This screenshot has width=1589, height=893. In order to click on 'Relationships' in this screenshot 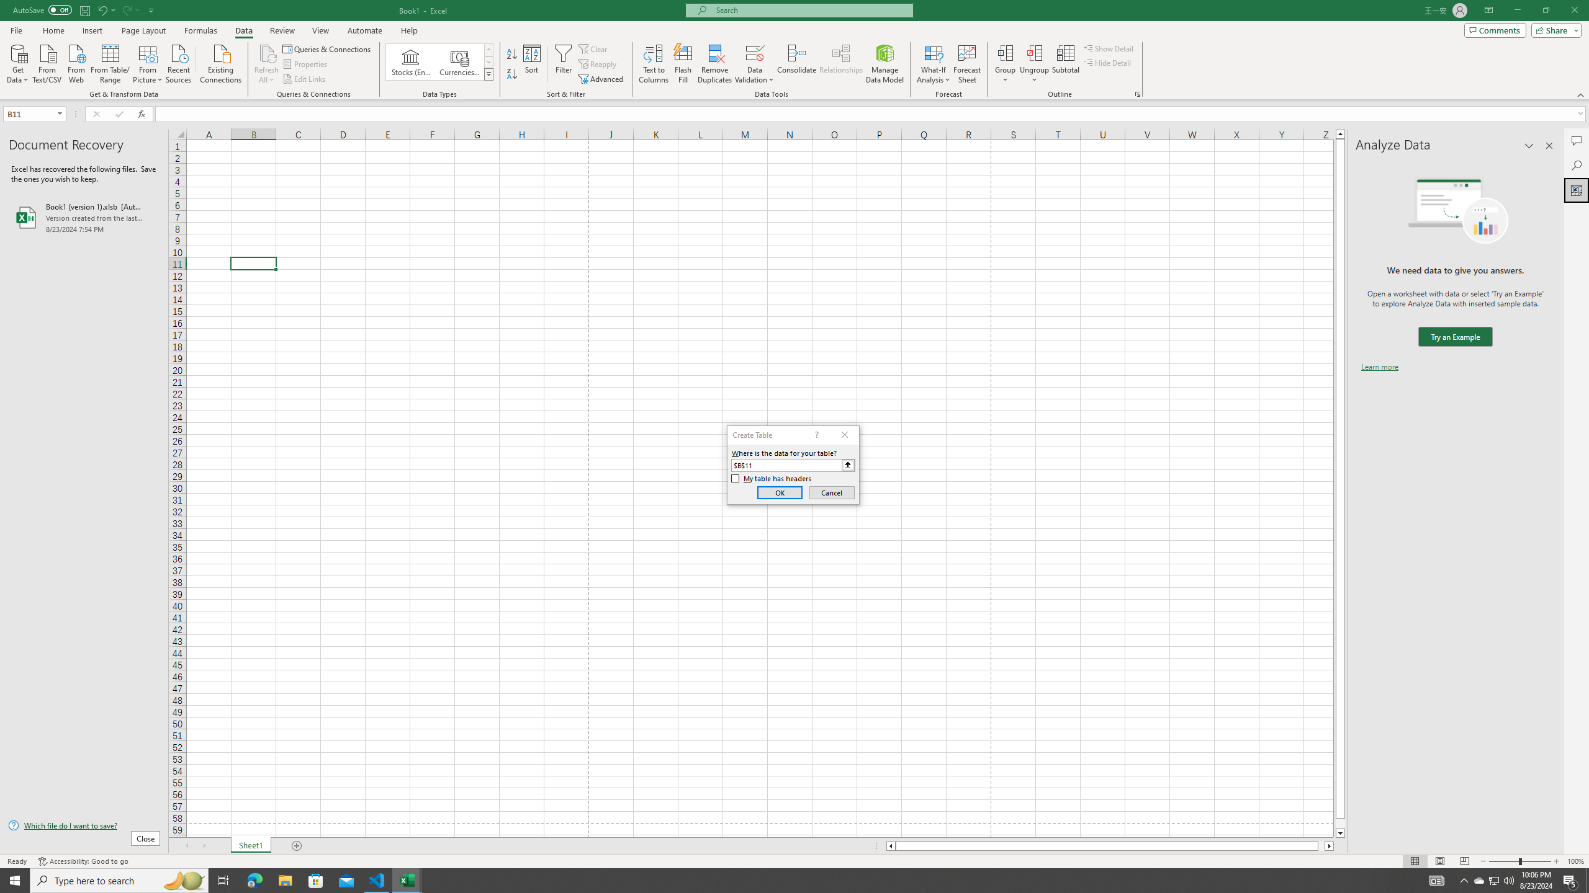, I will do `click(840, 64)`.